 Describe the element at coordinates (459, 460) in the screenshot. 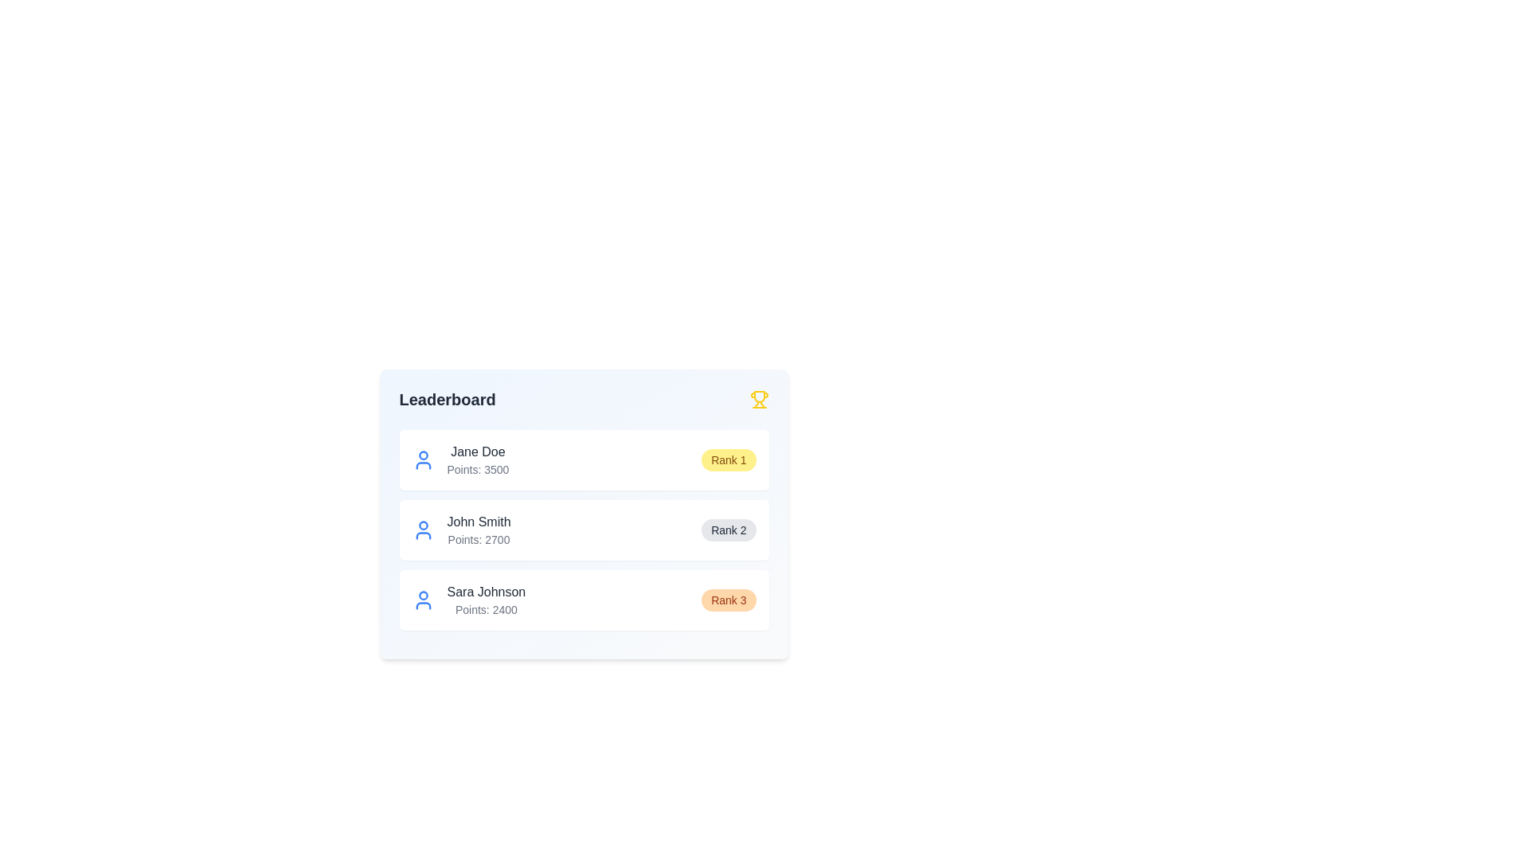

I see `the Text element displaying the user's name and score in the leaderboard, located at the topmost position, to the left of 'Rank 1'` at that location.